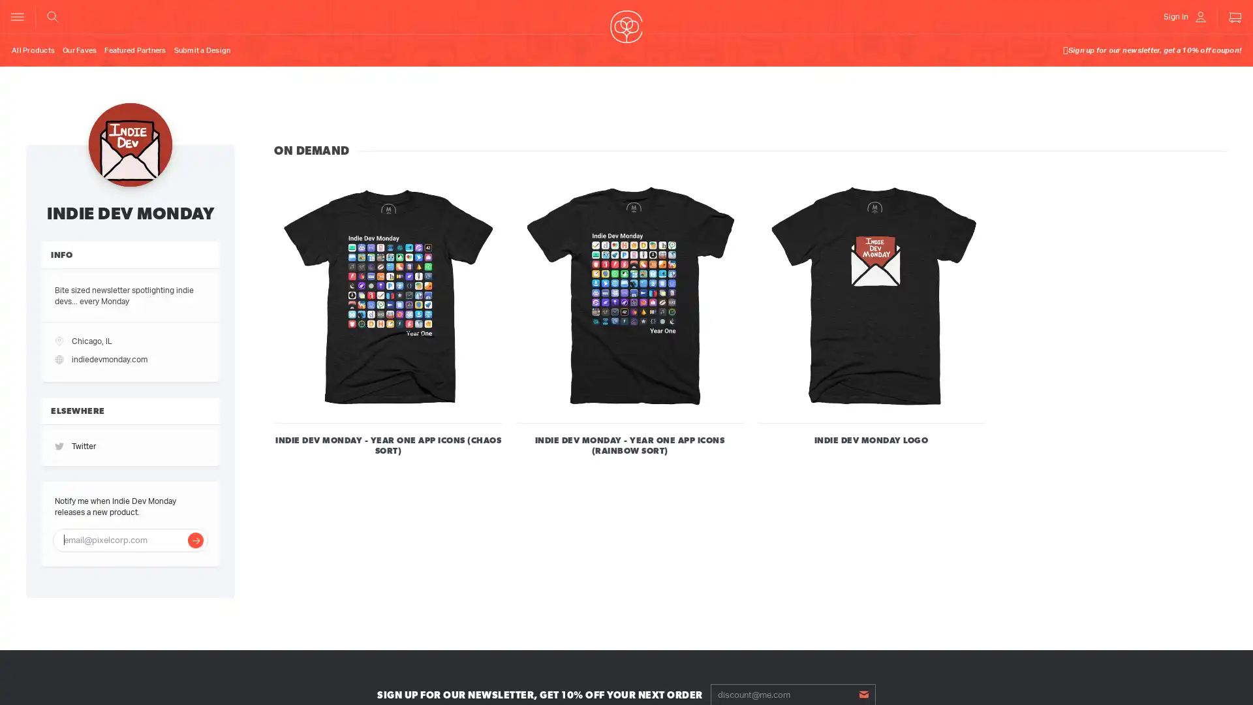 The height and width of the screenshot is (705, 1253). I want to click on Submit, so click(194, 539).